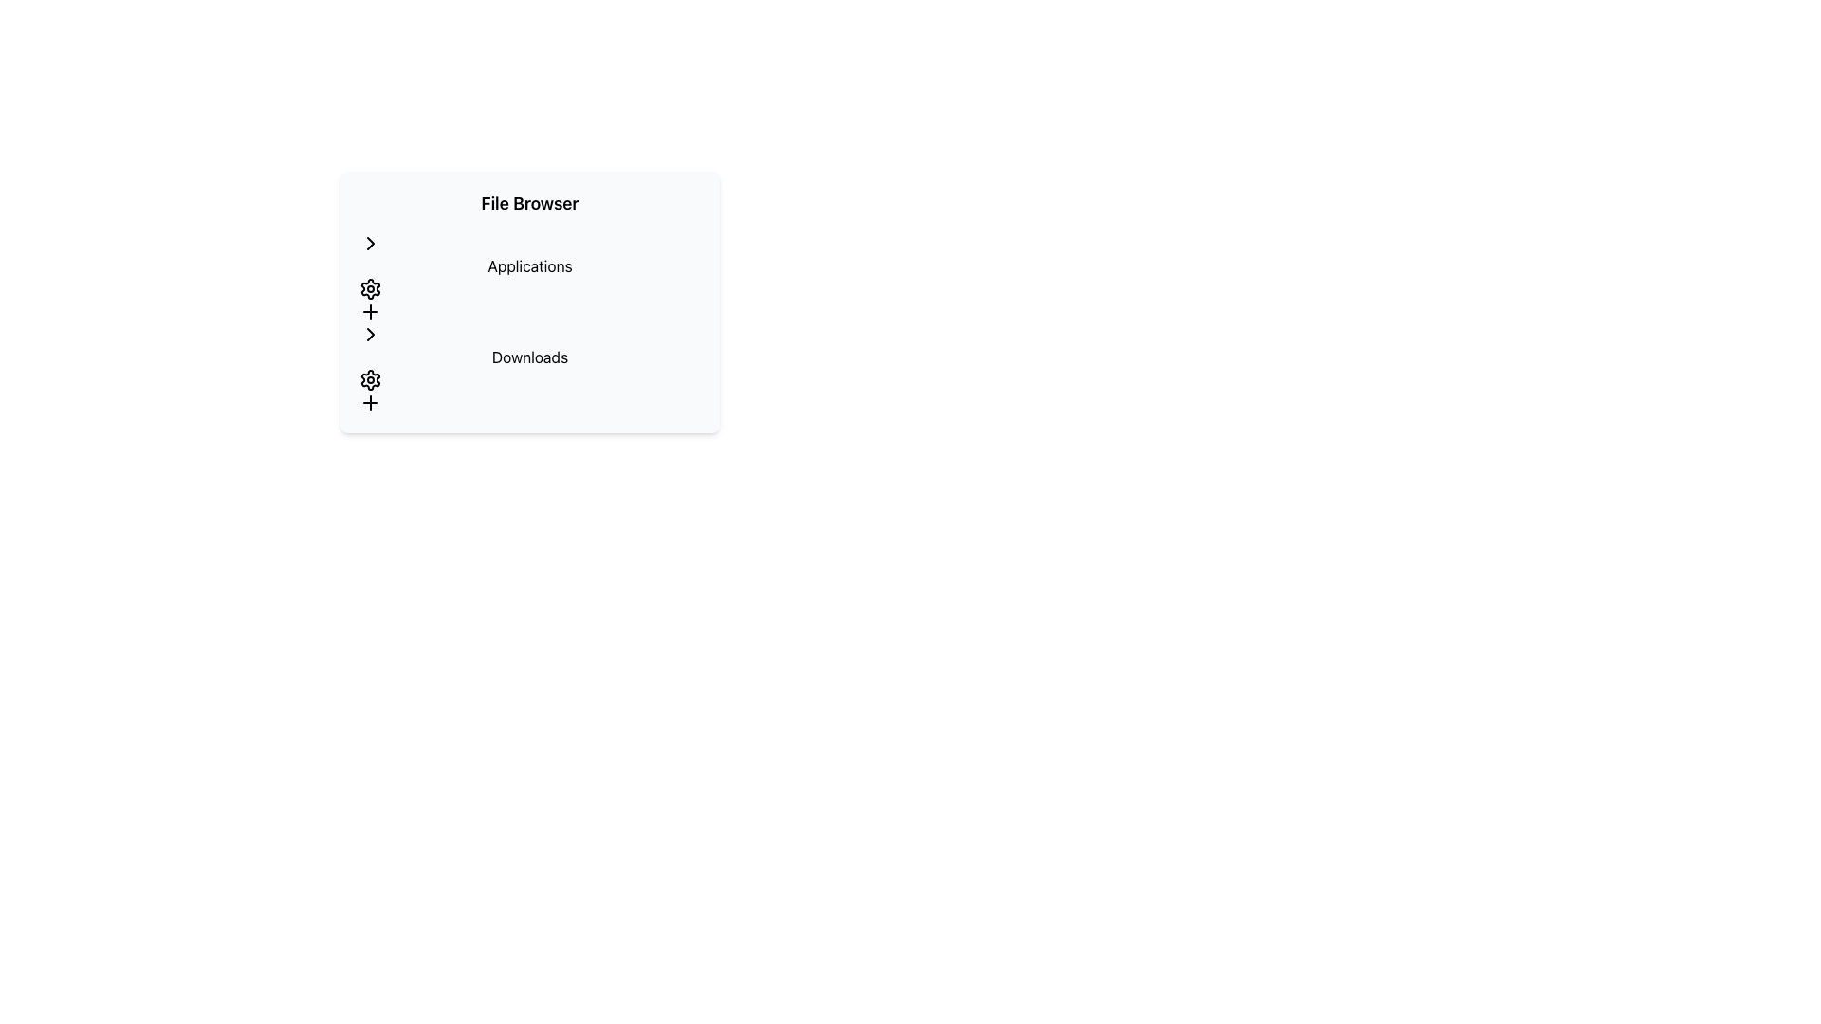 This screenshot has width=1821, height=1024. Describe the element at coordinates (370, 288) in the screenshot. I see `the first gear-shaped icon with a black outline in the left vertical column of the file browser card` at that location.